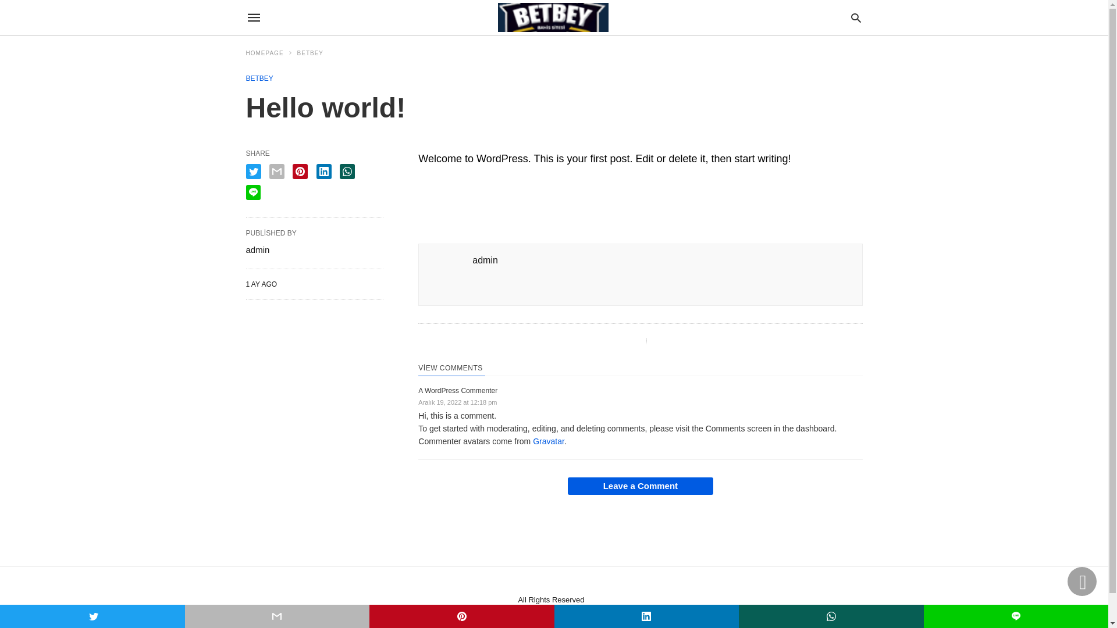  What do you see at coordinates (552, 17) in the screenshot?
I see `'BetBey'` at bounding box center [552, 17].